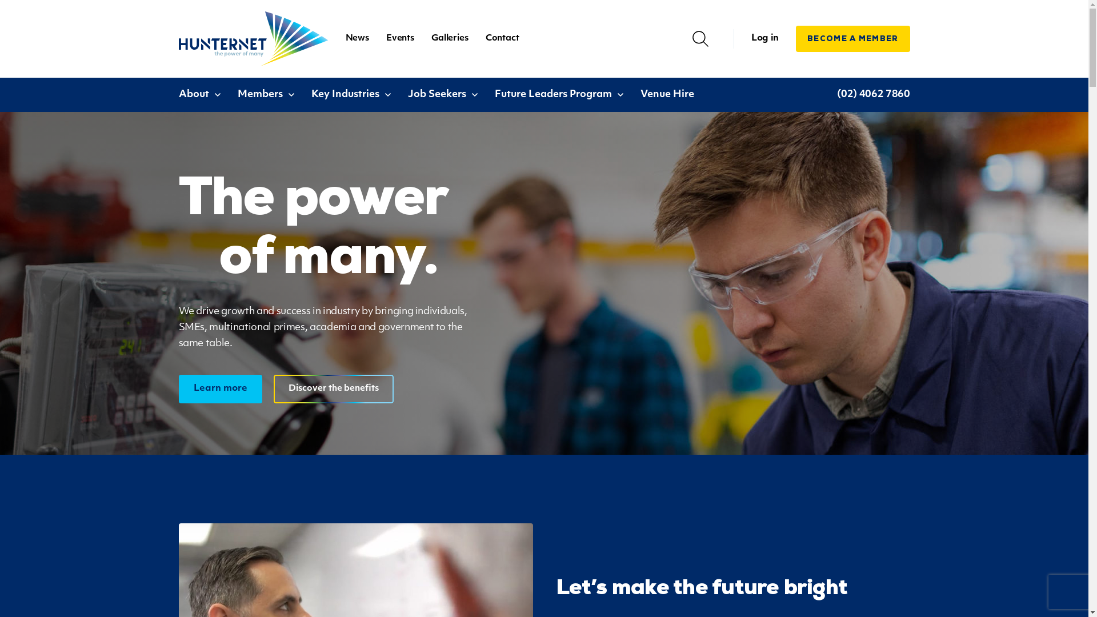 The height and width of the screenshot is (617, 1097). I want to click on 'News', so click(357, 38).